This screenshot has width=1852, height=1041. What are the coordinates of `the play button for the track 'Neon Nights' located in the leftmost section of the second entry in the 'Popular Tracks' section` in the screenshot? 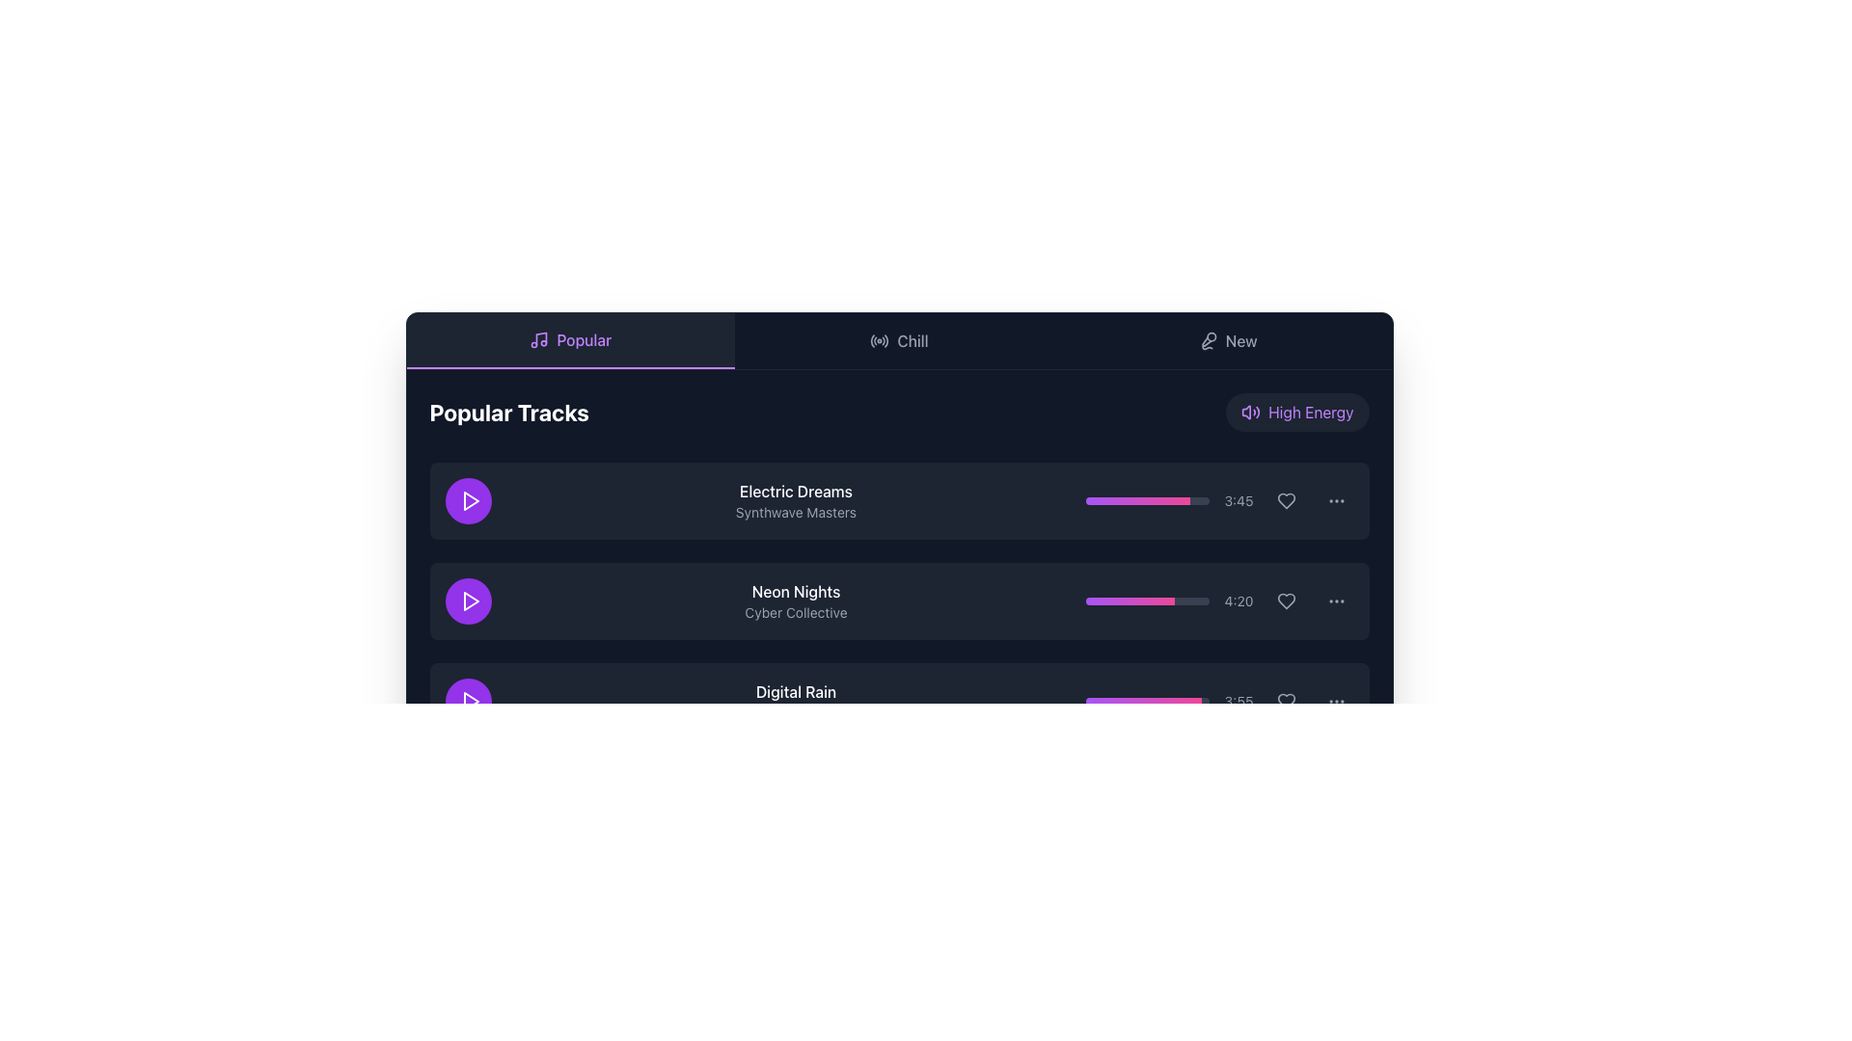 It's located at (468, 601).